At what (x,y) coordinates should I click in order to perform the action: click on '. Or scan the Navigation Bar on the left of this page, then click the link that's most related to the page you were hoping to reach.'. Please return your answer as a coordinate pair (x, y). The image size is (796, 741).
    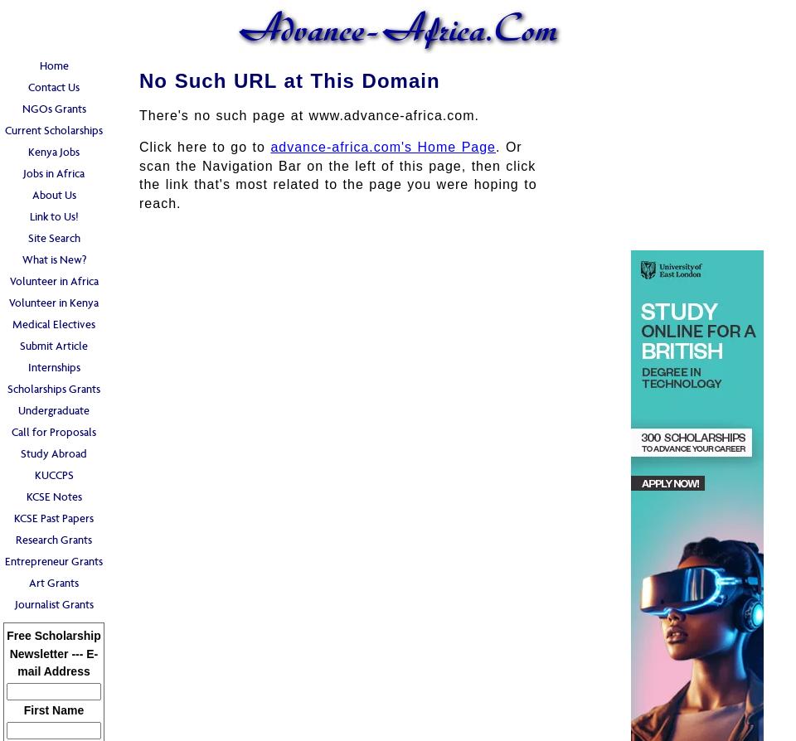
    Looking at the image, I should click on (138, 174).